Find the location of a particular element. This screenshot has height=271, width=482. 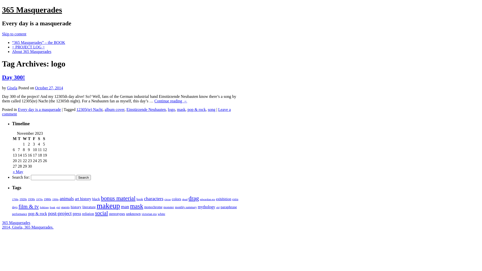

'Search' is located at coordinates (83, 177).